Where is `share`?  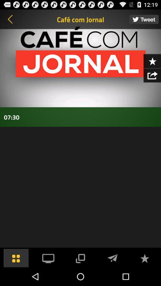
share is located at coordinates (152, 75).